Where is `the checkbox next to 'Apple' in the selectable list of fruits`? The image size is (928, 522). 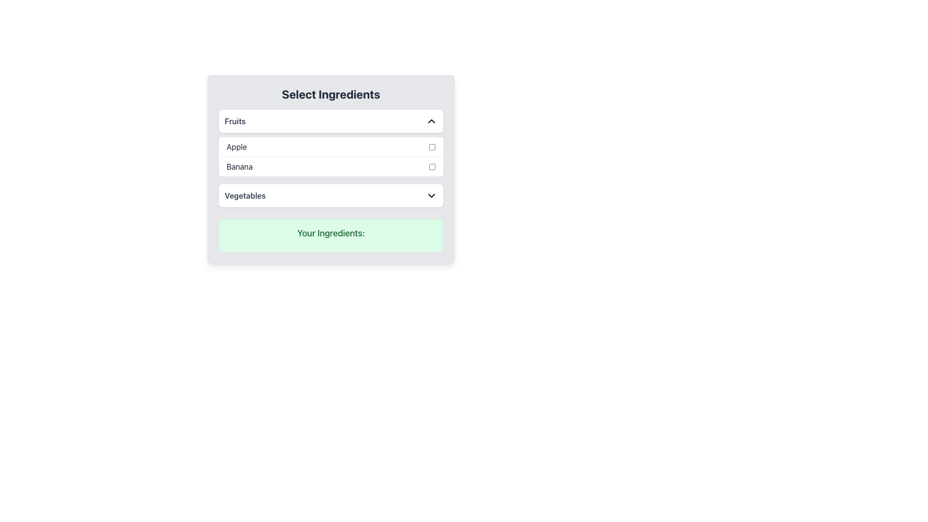
the checkbox next to 'Apple' in the selectable list of fruits is located at coordinates (331, 156).